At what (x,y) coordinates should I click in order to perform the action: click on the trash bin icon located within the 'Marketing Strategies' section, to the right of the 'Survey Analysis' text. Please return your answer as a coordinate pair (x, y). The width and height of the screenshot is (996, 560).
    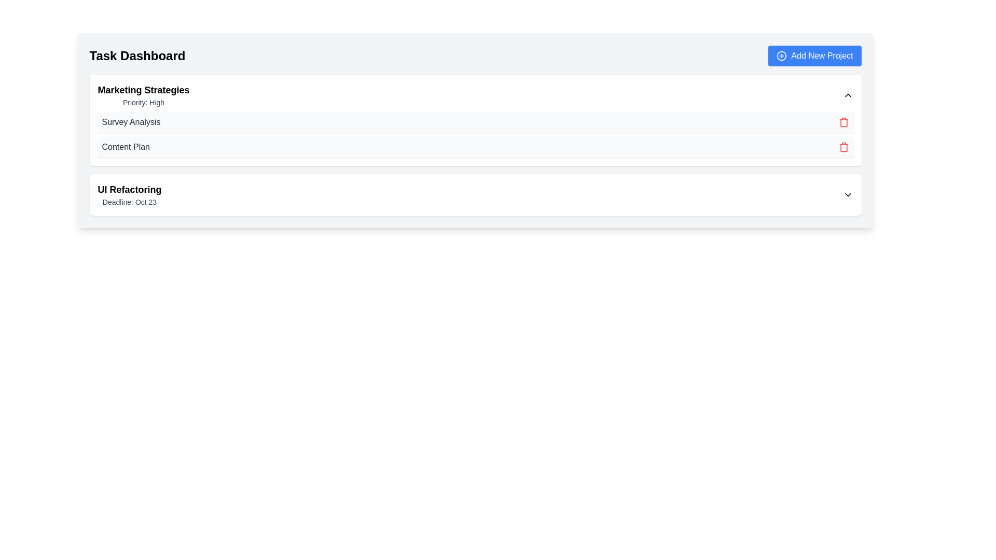
    Looking at the image, I should click on (843, 122).